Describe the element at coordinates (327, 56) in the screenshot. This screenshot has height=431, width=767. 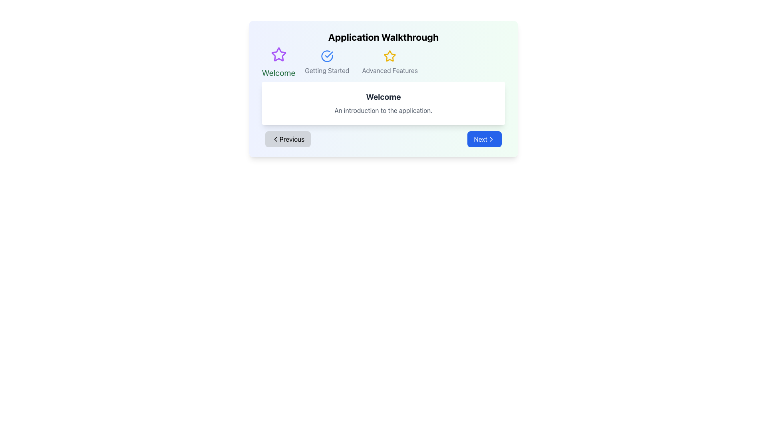
I see `the completion state represented by the leftmost icon in the 'Application Walkthrough' section` at that location.